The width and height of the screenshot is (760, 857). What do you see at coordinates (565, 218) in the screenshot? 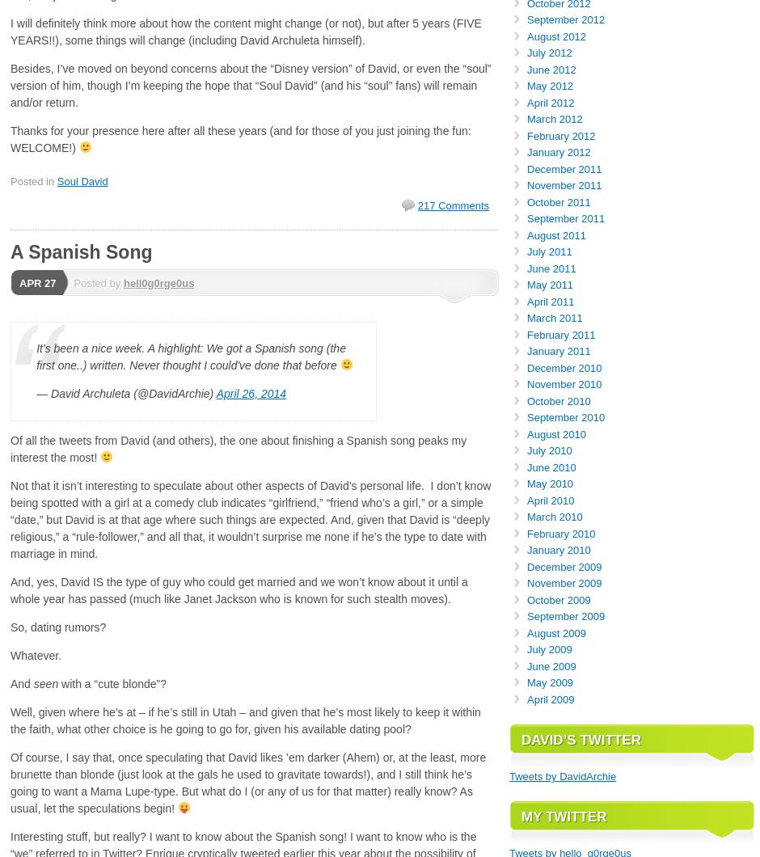
I see `'September 2011'` at bounding box center [565, 218].